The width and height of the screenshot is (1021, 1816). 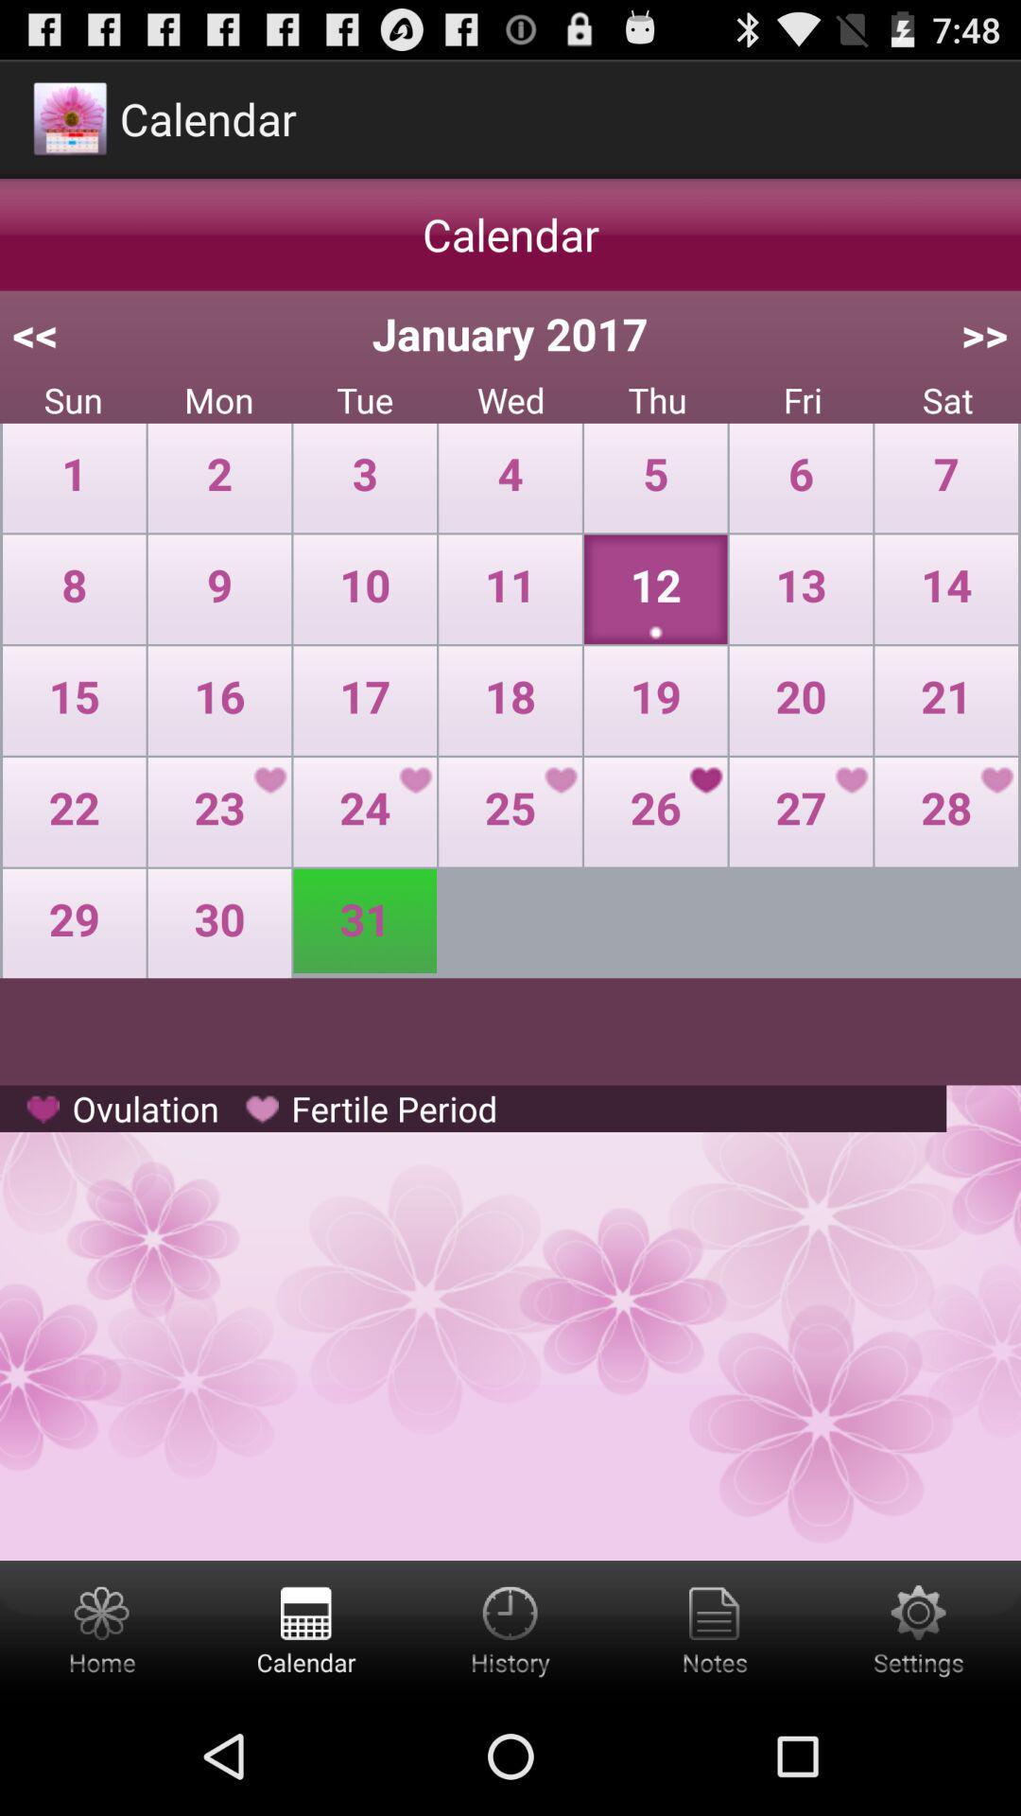 I want to click on settings option, so click(x=918, y=1628).